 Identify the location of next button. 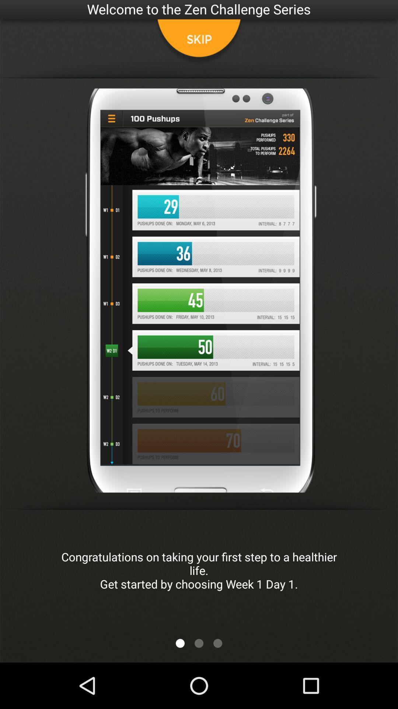
(199, 643).